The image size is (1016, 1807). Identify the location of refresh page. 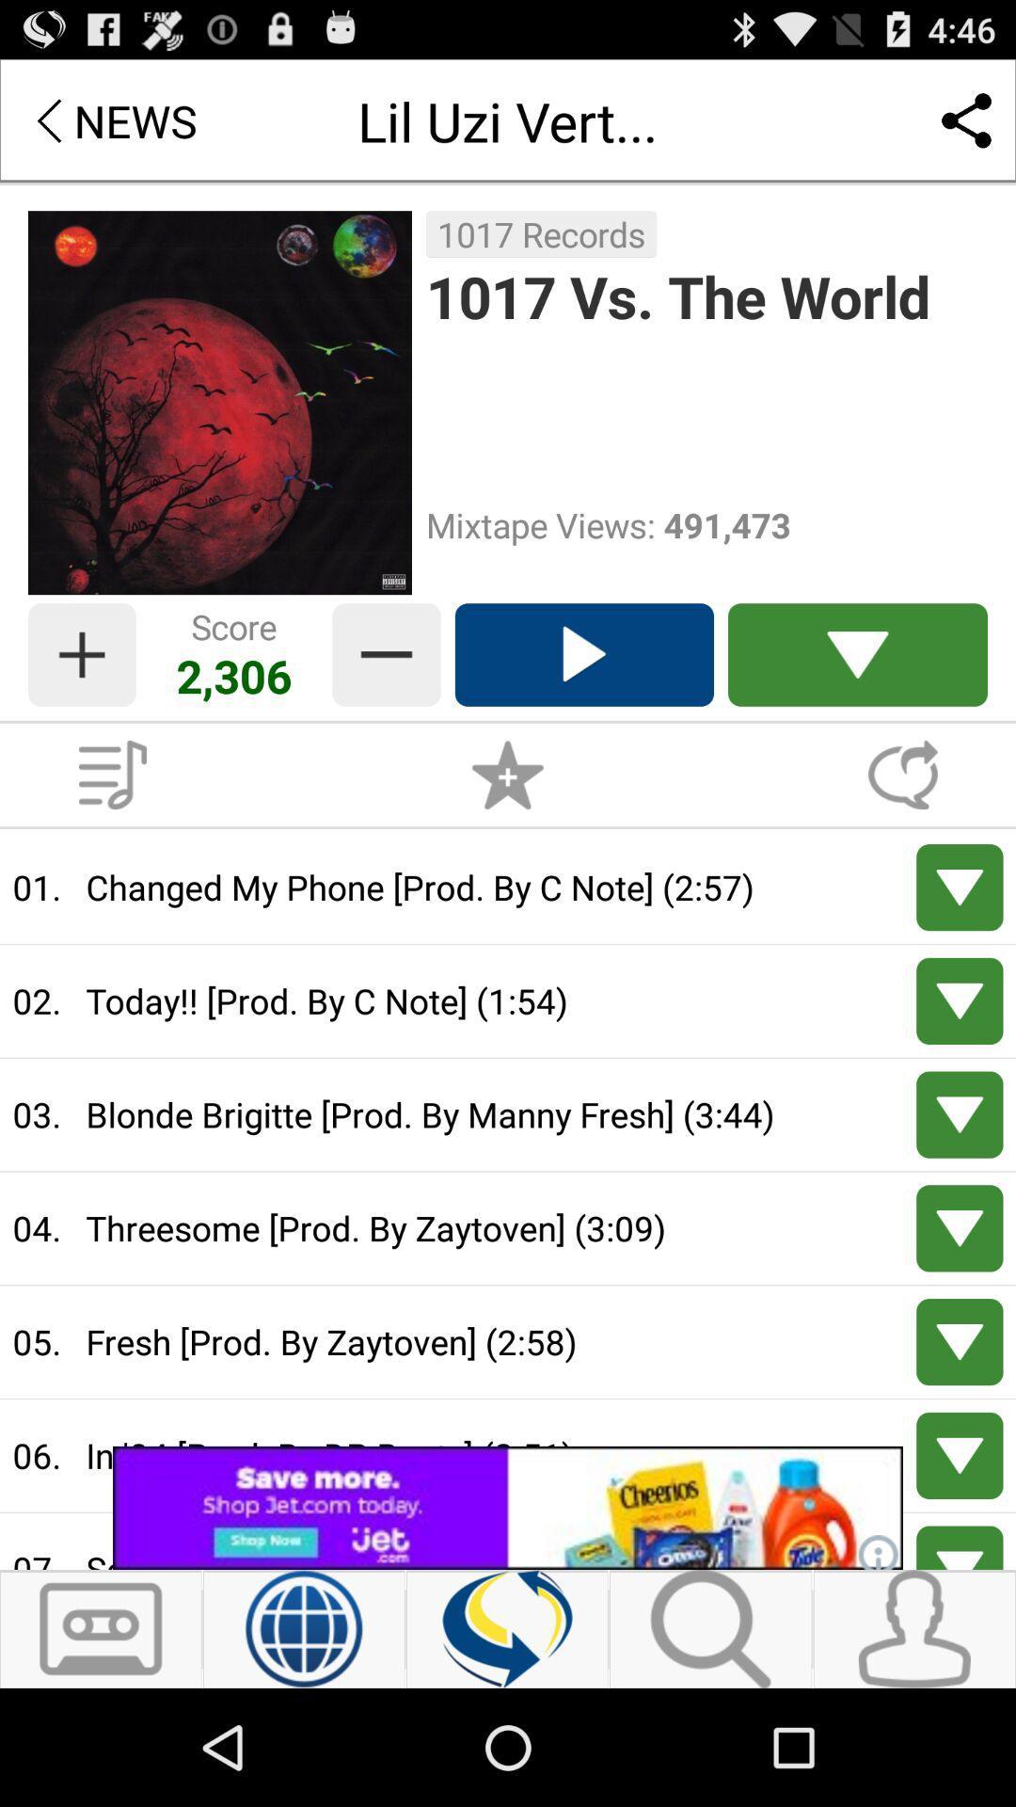
(506, 1628).